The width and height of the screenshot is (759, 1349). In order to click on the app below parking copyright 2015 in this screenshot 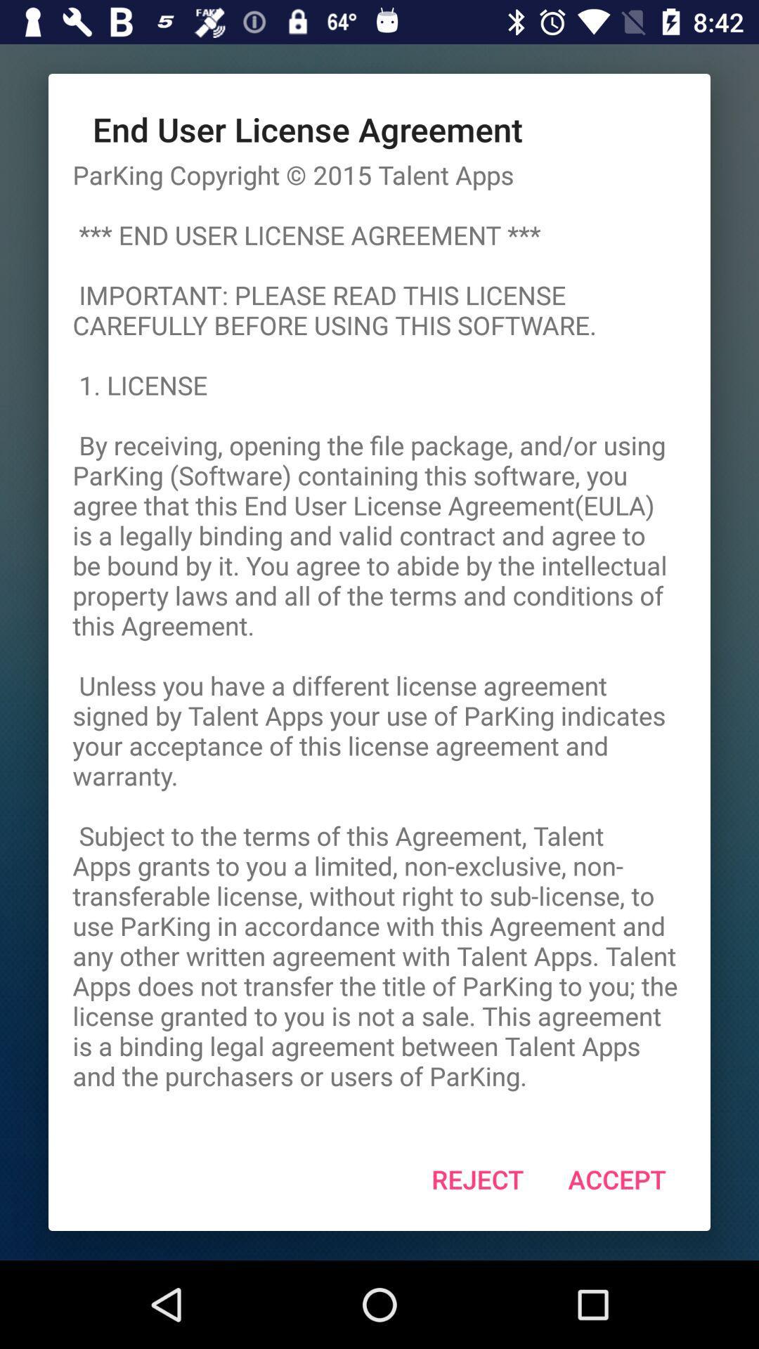, I will do `click(476, 1179)`.